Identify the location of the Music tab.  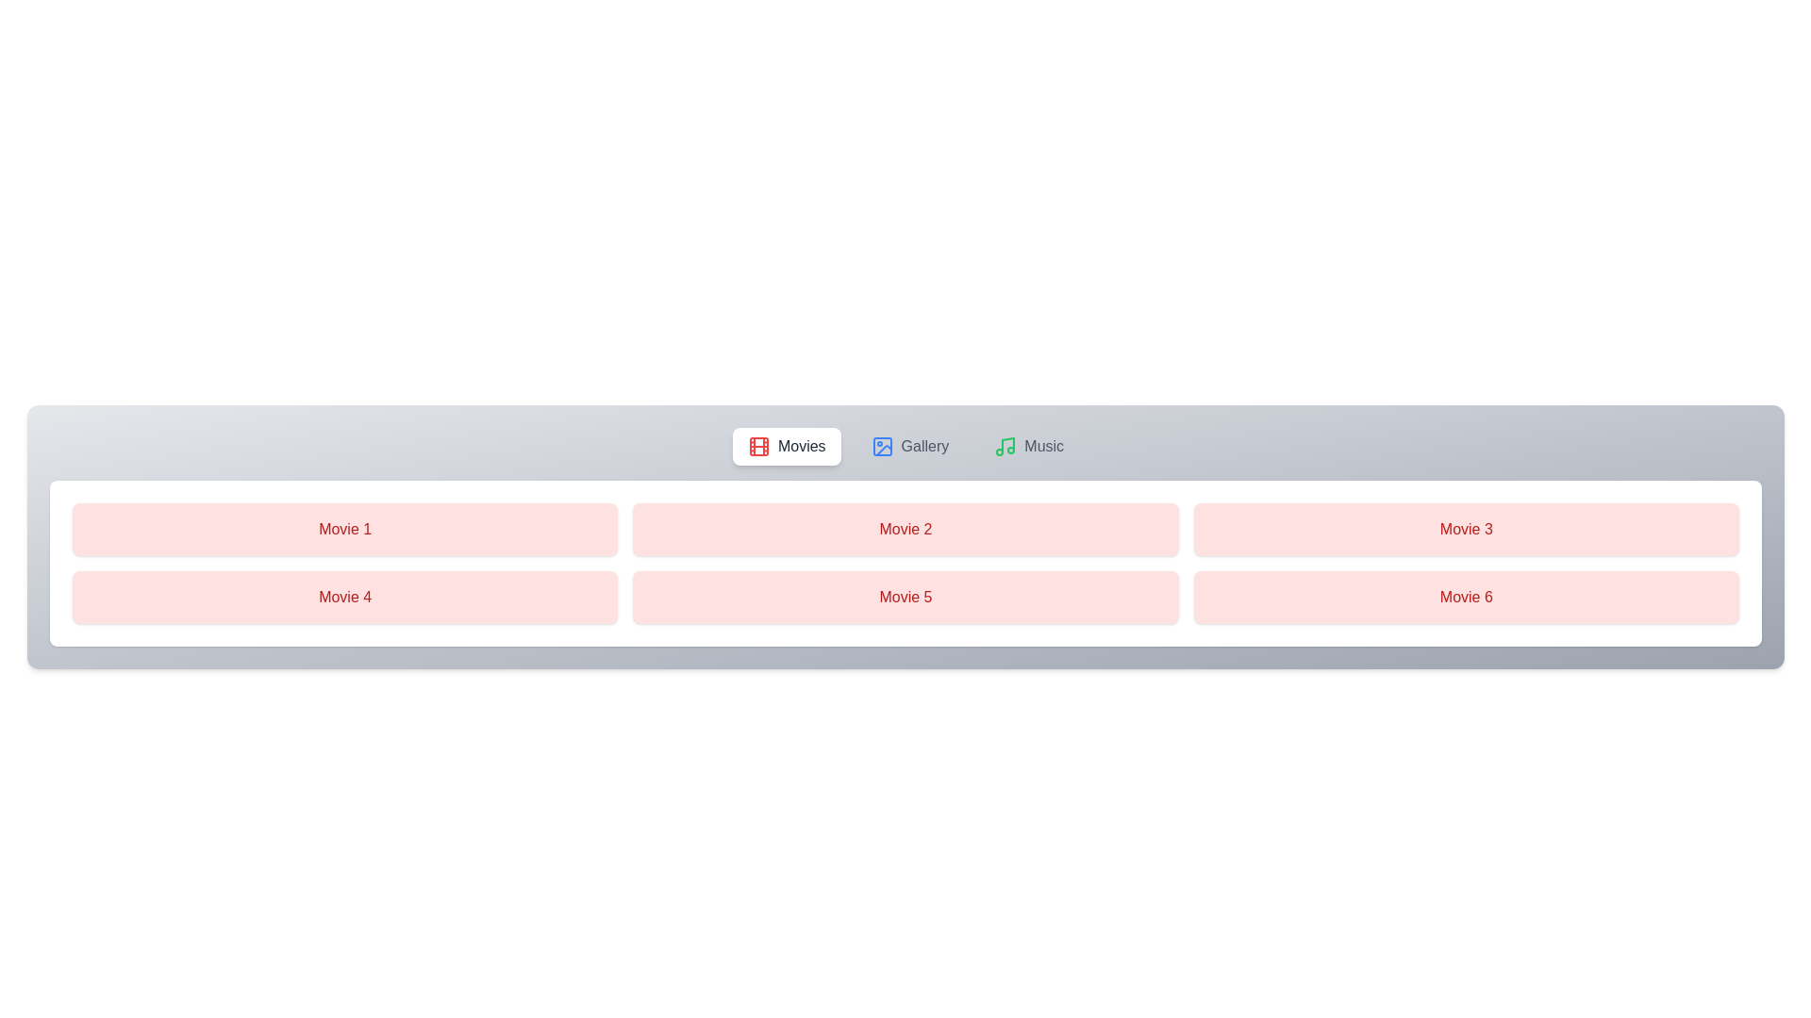
(1027, 447).